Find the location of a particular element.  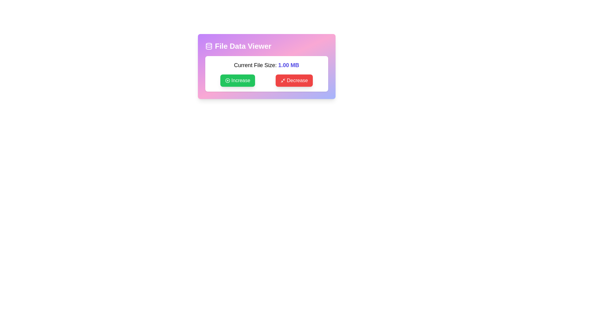

the static informational label displaying 'Current File Size: 1.00 MB', which is styled in large font with '1.00 MB' in bold blue, located above the 'Increase' and 'Decrease' buttons in the 'File Data Viewer' card is located at coordinates (266, 65).